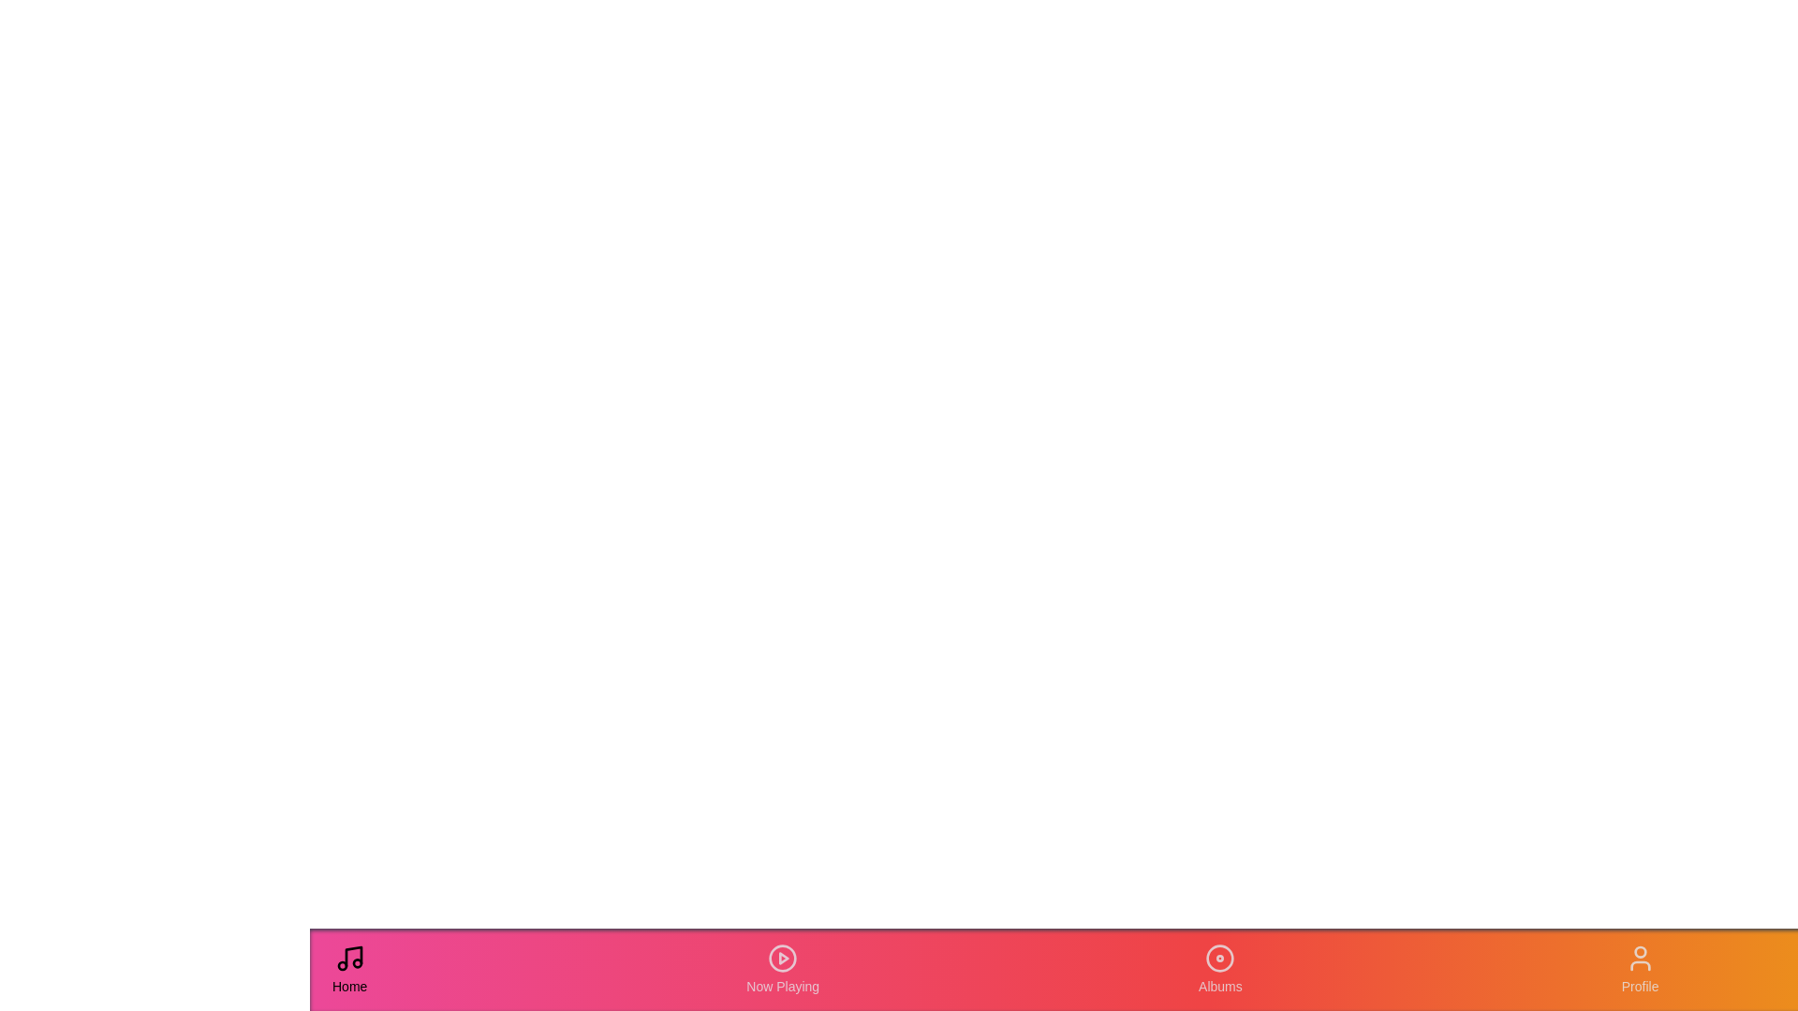 This screenshot has height=1011, width=1798. I want to click on the 'Now Playing' tab to activate it, so click(782, 969).